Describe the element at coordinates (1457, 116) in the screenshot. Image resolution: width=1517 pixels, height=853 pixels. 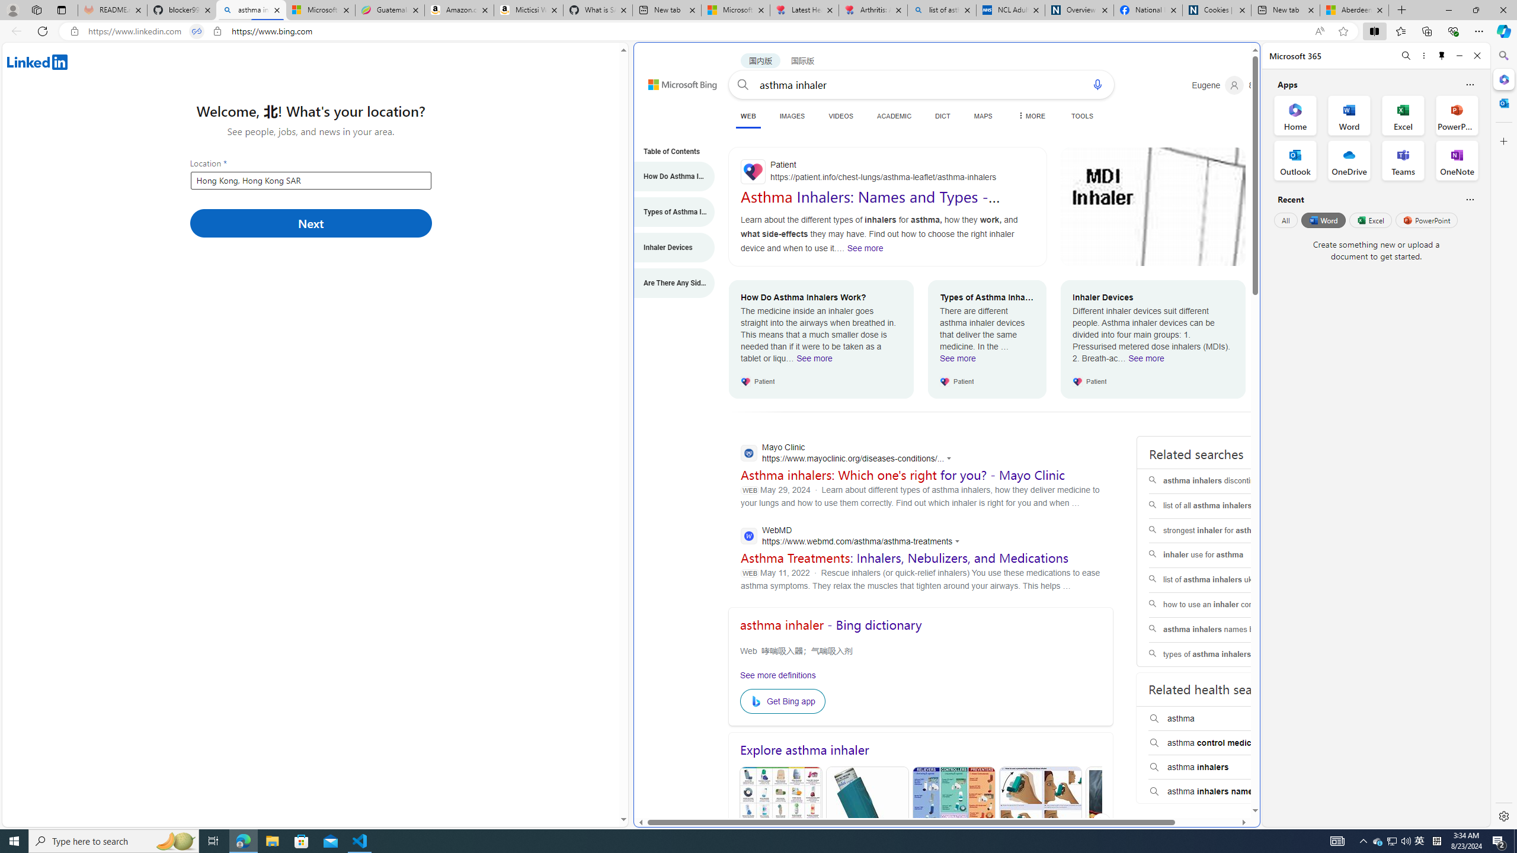
I see `'PowerPoint Office App'` at that location.